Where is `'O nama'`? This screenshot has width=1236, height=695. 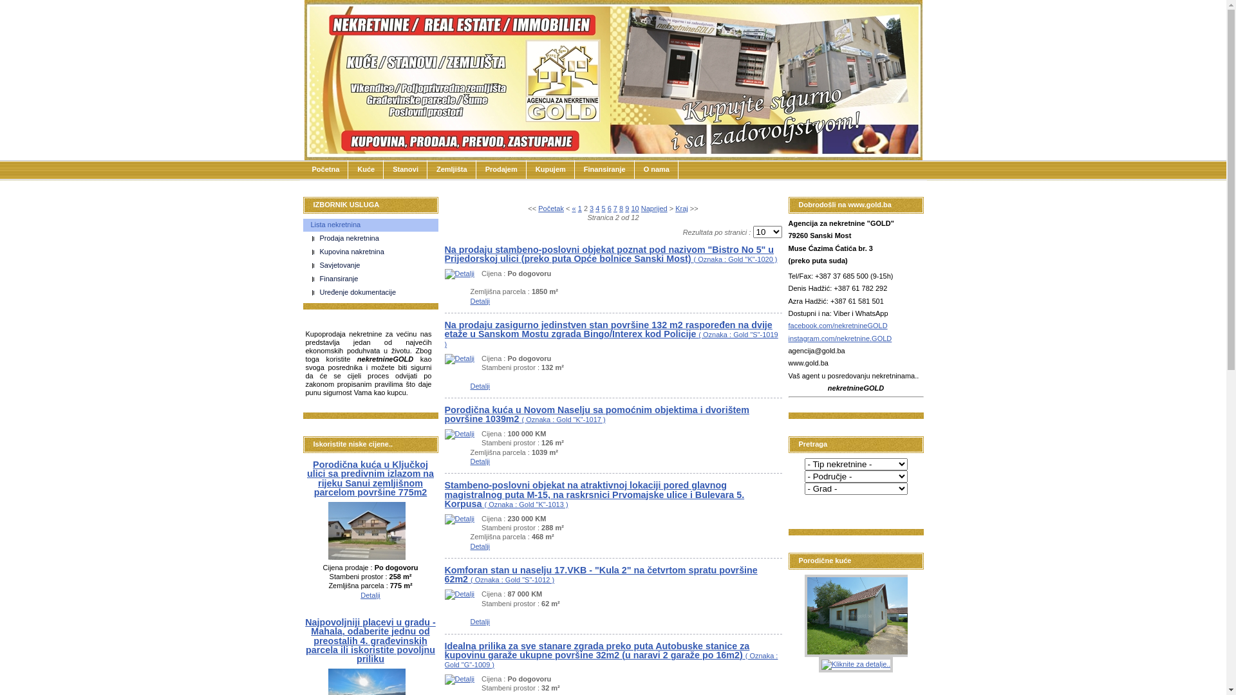
'O nama' is located at coordinates (656, 169).